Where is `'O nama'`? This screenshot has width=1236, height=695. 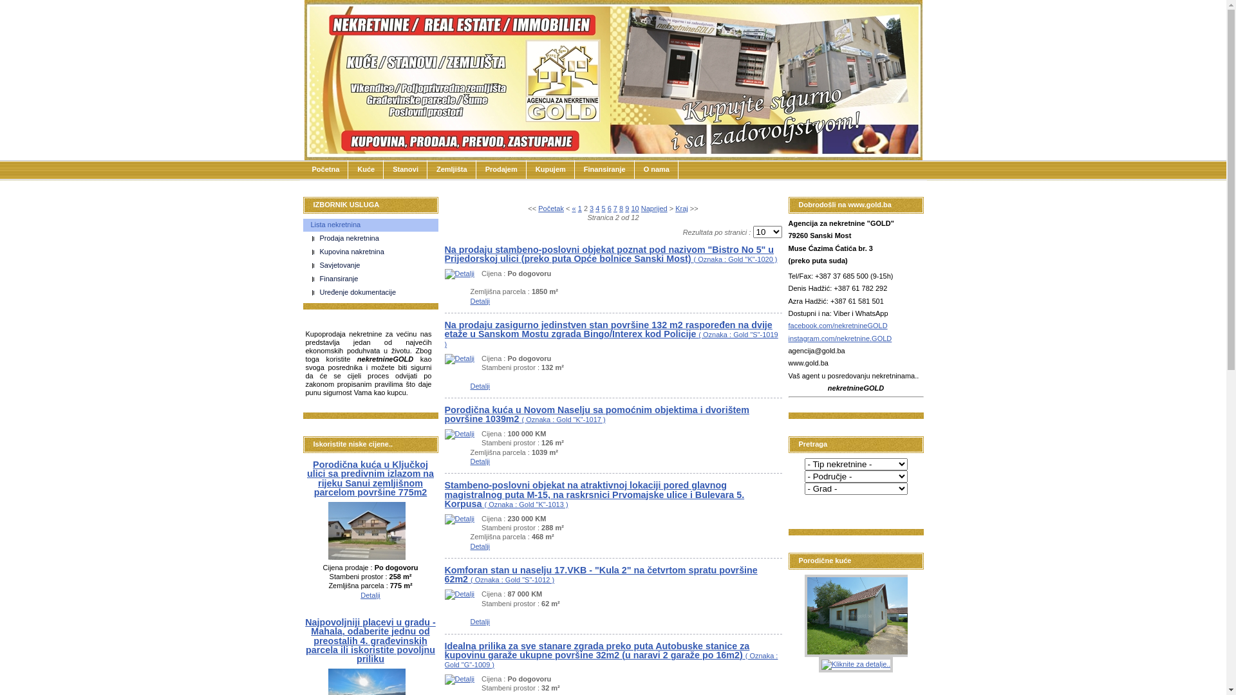
'O nama' is located at coordinates (656, 169).